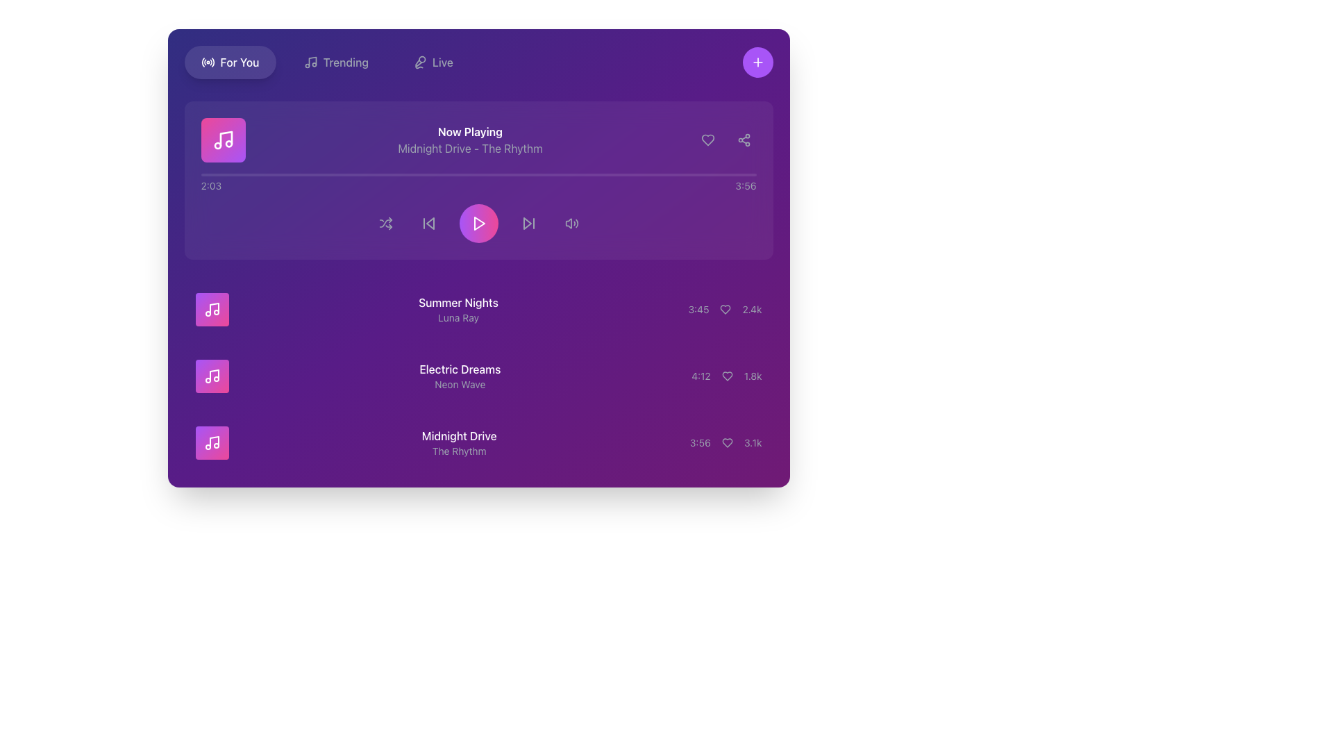  Describe the element at coordinates (725, 442) in the screenshot. I see `the heart-shaped icon located within the Compound element that displays the time '3:56' and the like count '3.1k', positioned at the rightmost end of the 'Midnight Drive' list item` at that location.